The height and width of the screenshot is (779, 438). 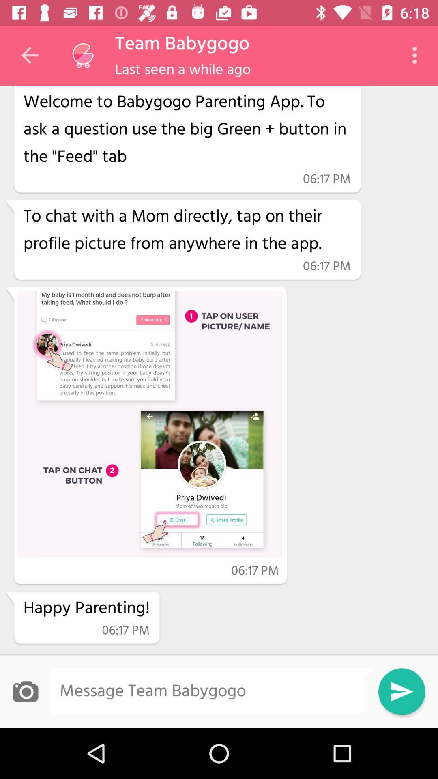 What do you see at coordinates (83, 55) in the screenshot?
I see `icon above hi app crawler item` at bounding box center [83, 55].